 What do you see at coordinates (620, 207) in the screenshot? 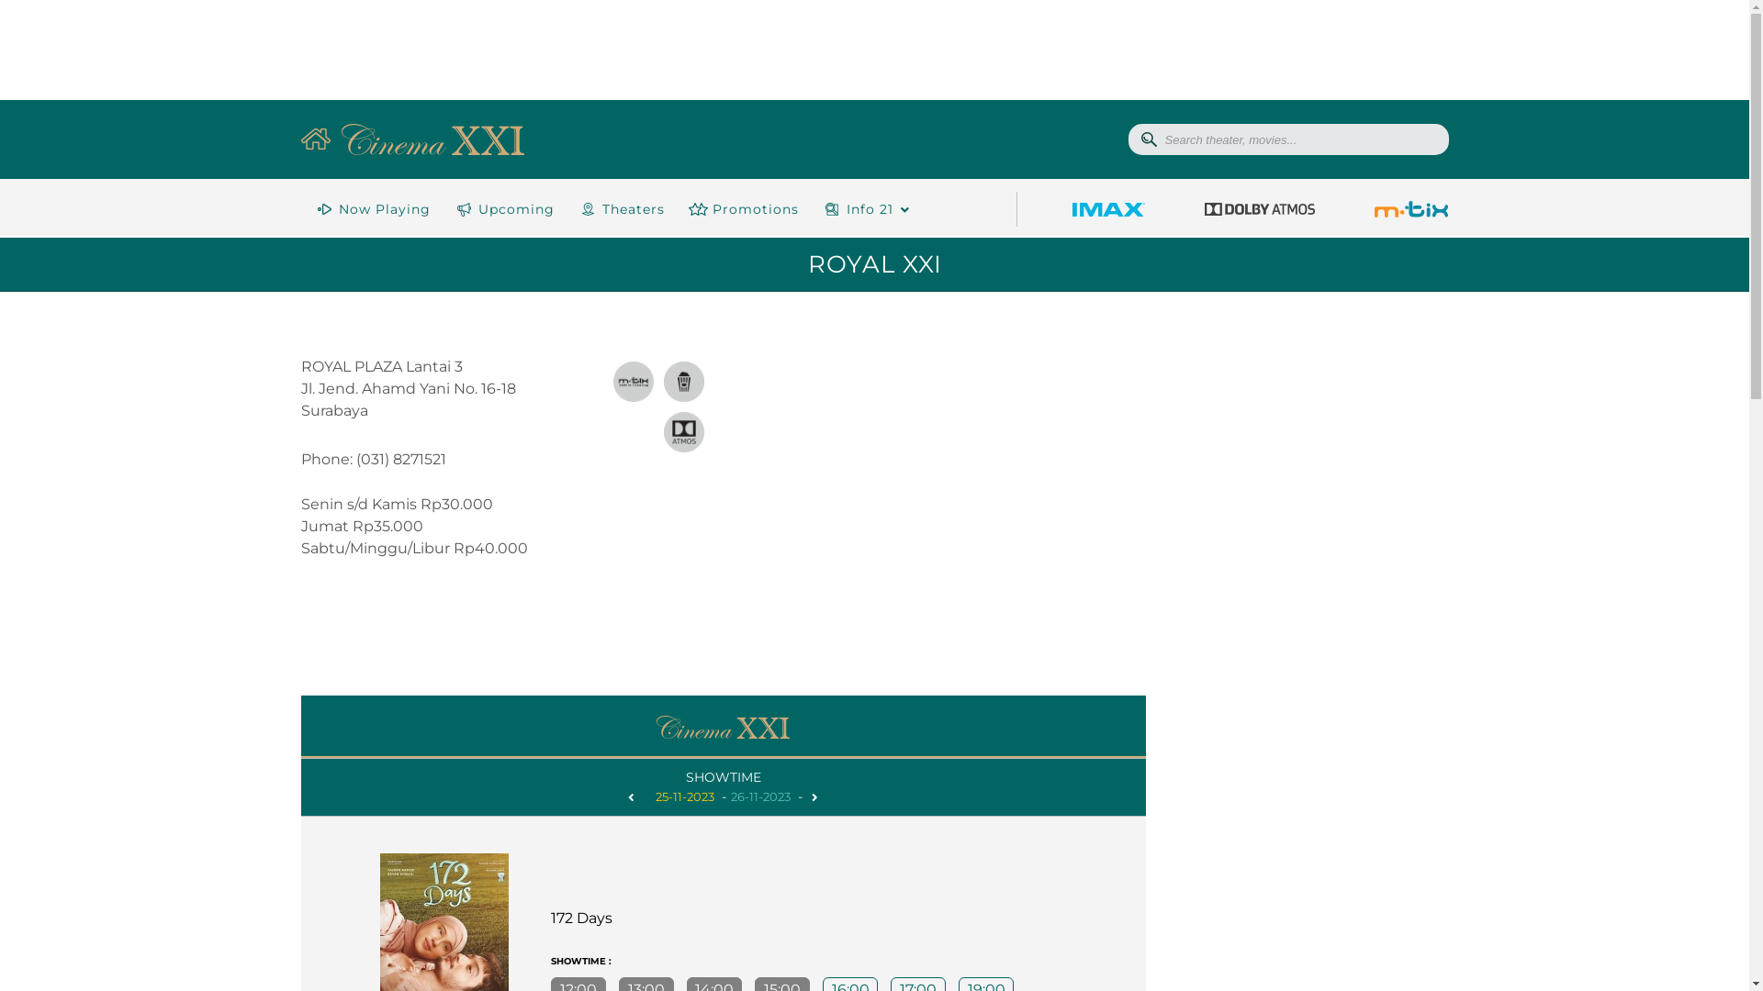
I see `'Theaters'` at bounding box center [620, 207].